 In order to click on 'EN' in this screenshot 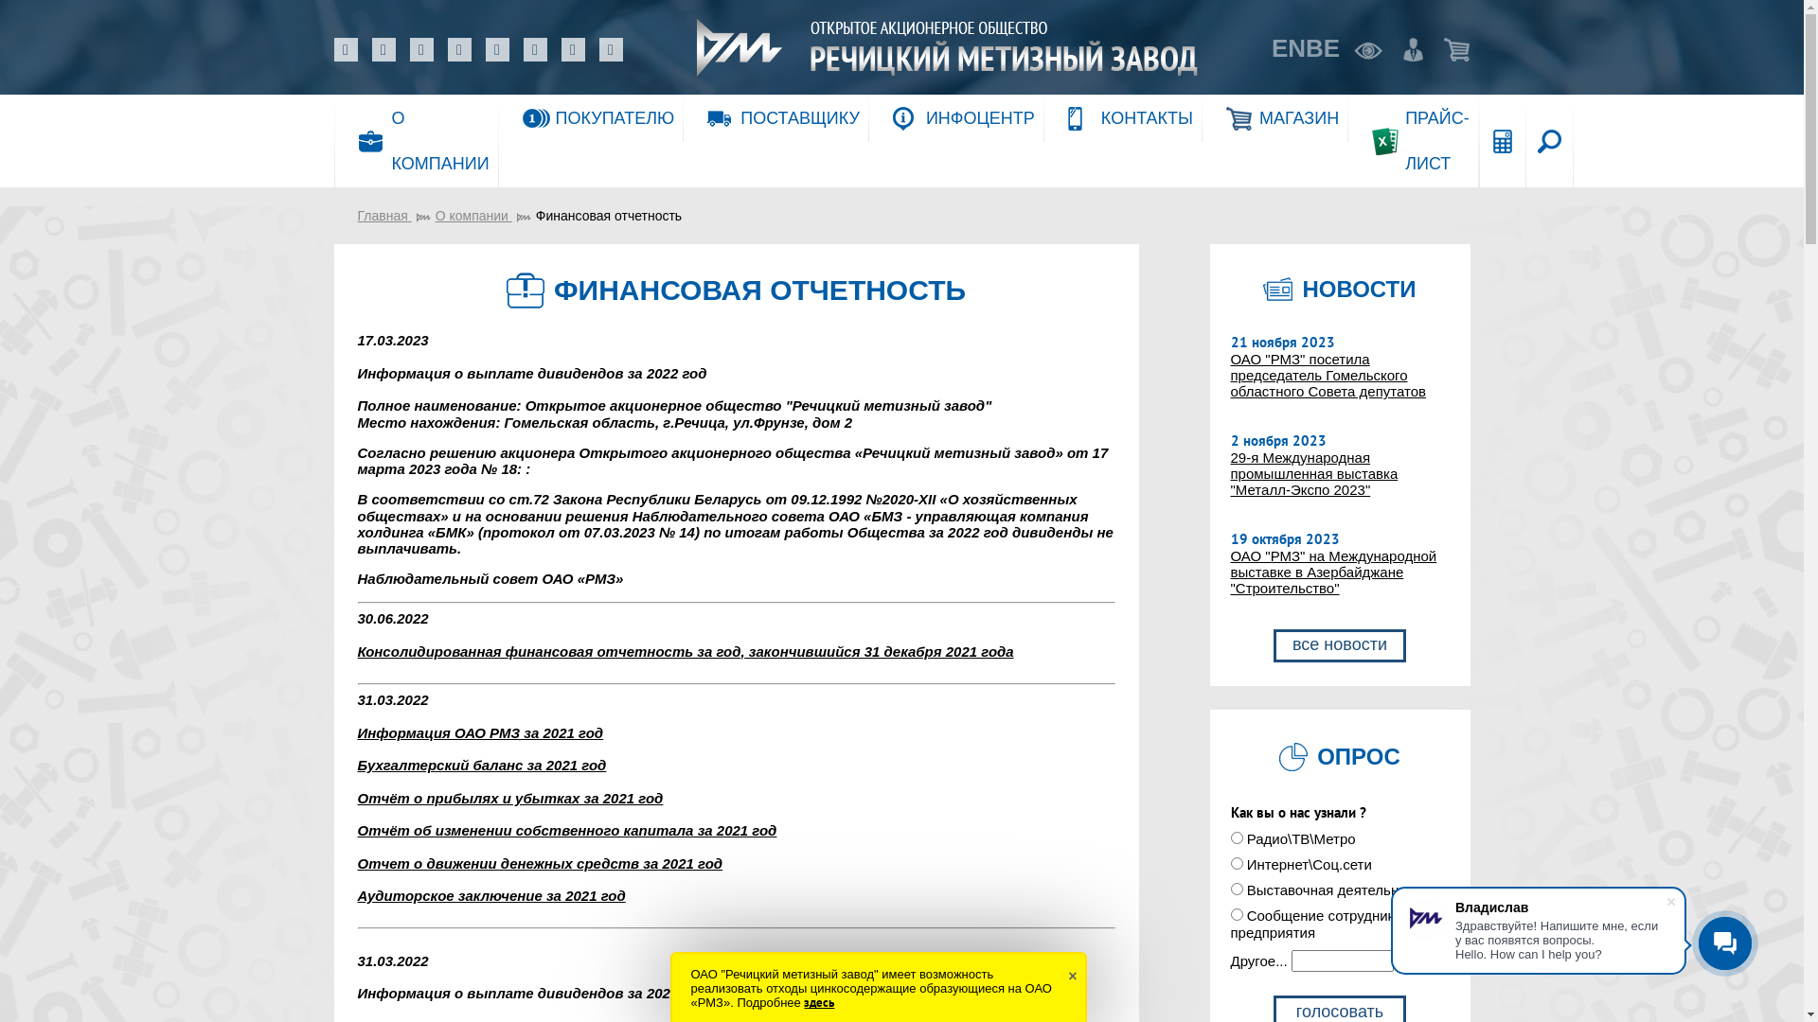, I will do `click(1288, 47)`.